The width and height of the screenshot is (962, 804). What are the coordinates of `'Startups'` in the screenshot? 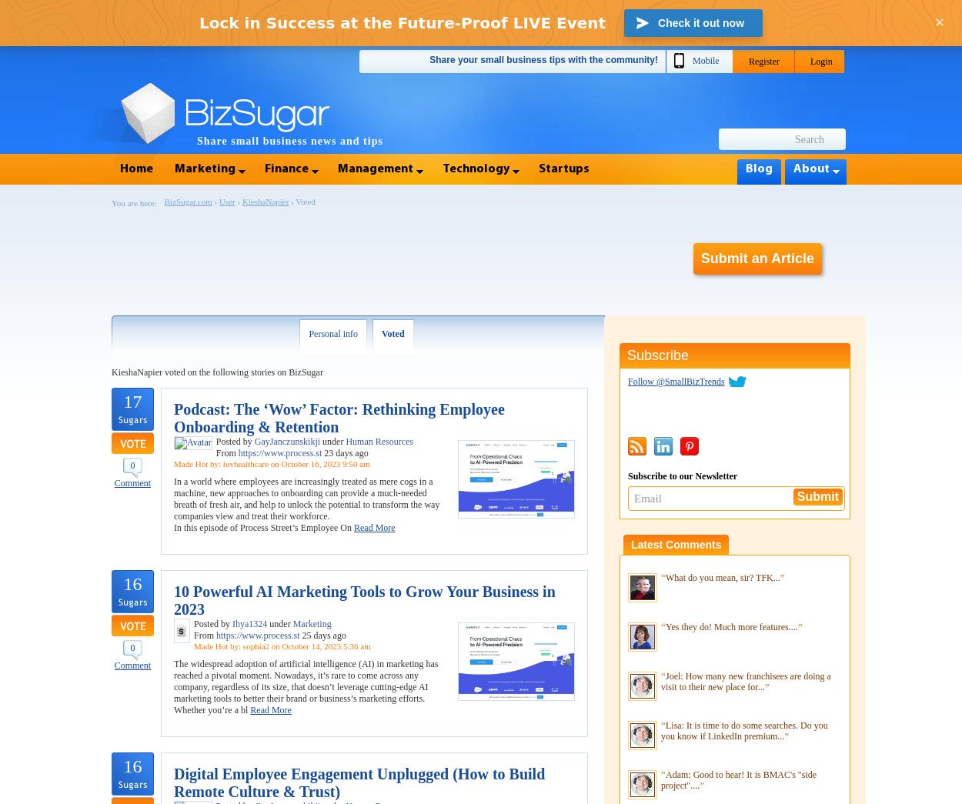 It's located at (563, 168).